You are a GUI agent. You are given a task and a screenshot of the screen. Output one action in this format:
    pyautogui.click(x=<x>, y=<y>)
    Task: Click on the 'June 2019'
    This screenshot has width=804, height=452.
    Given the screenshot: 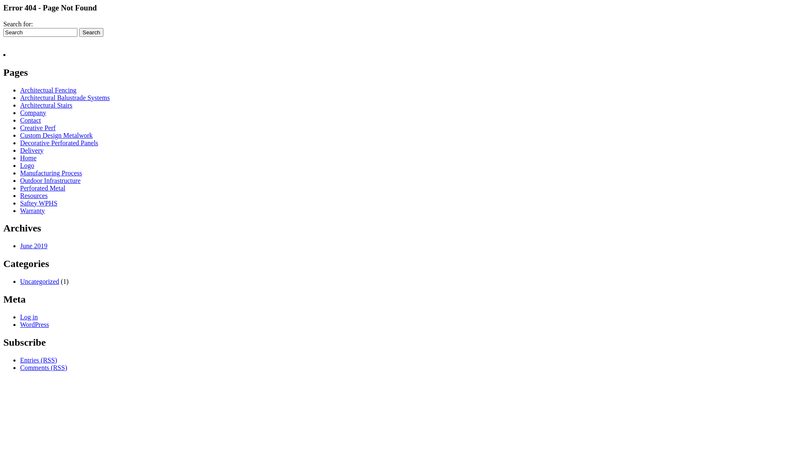 What is the action you would take?
    pyautogui.click(x=33, y=245)
    